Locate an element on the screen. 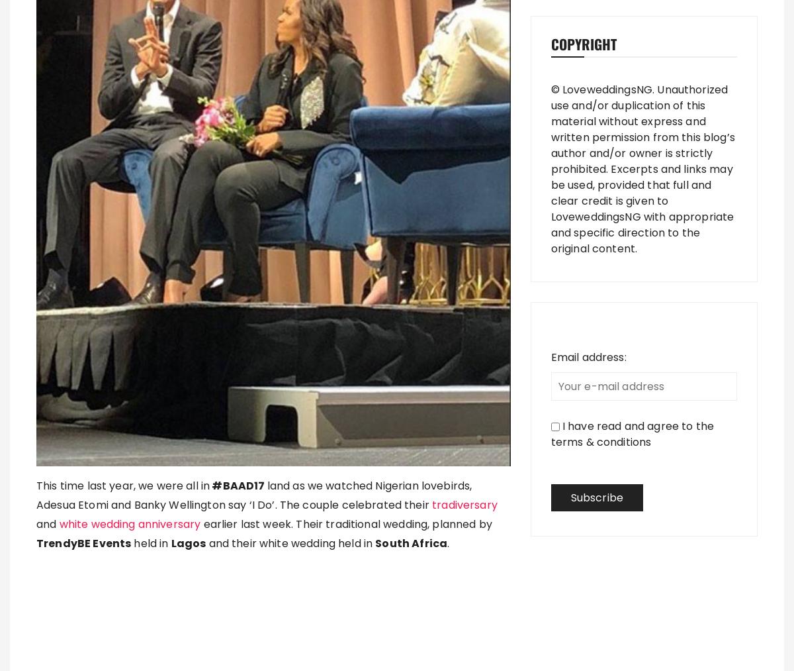 The width and height of the screenshot is (794, 671). 'earlier last week. Their traditional wedding, planned by' is located at coordinates (345, 523).